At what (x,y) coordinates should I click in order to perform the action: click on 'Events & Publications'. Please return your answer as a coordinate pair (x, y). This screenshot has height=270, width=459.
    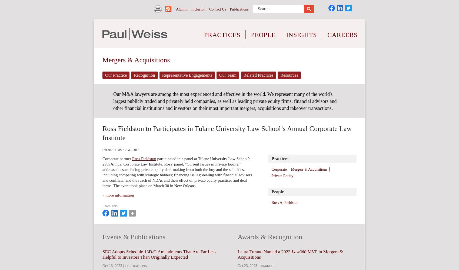
    Looking at the image, I should click on (133, 237).